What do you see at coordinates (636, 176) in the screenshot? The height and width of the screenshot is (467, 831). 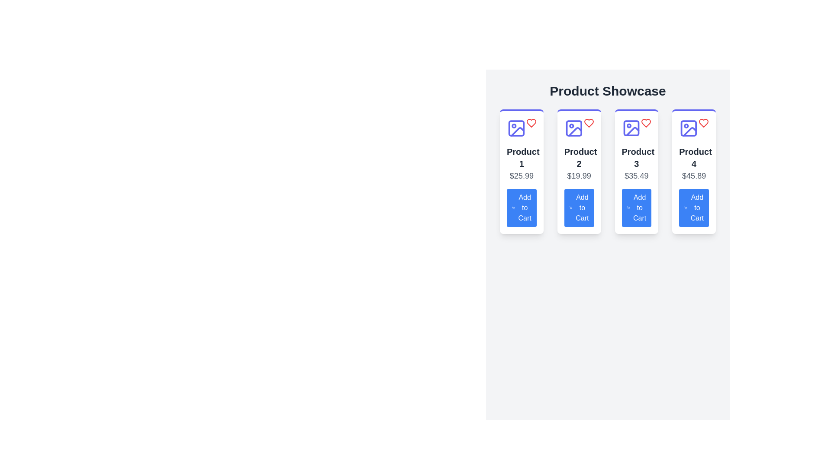 I see `the price text element located in the third product card, which is situated below the title 'Product 3' and above the 'Add to Cart' button` at bounding box center [636, 176].